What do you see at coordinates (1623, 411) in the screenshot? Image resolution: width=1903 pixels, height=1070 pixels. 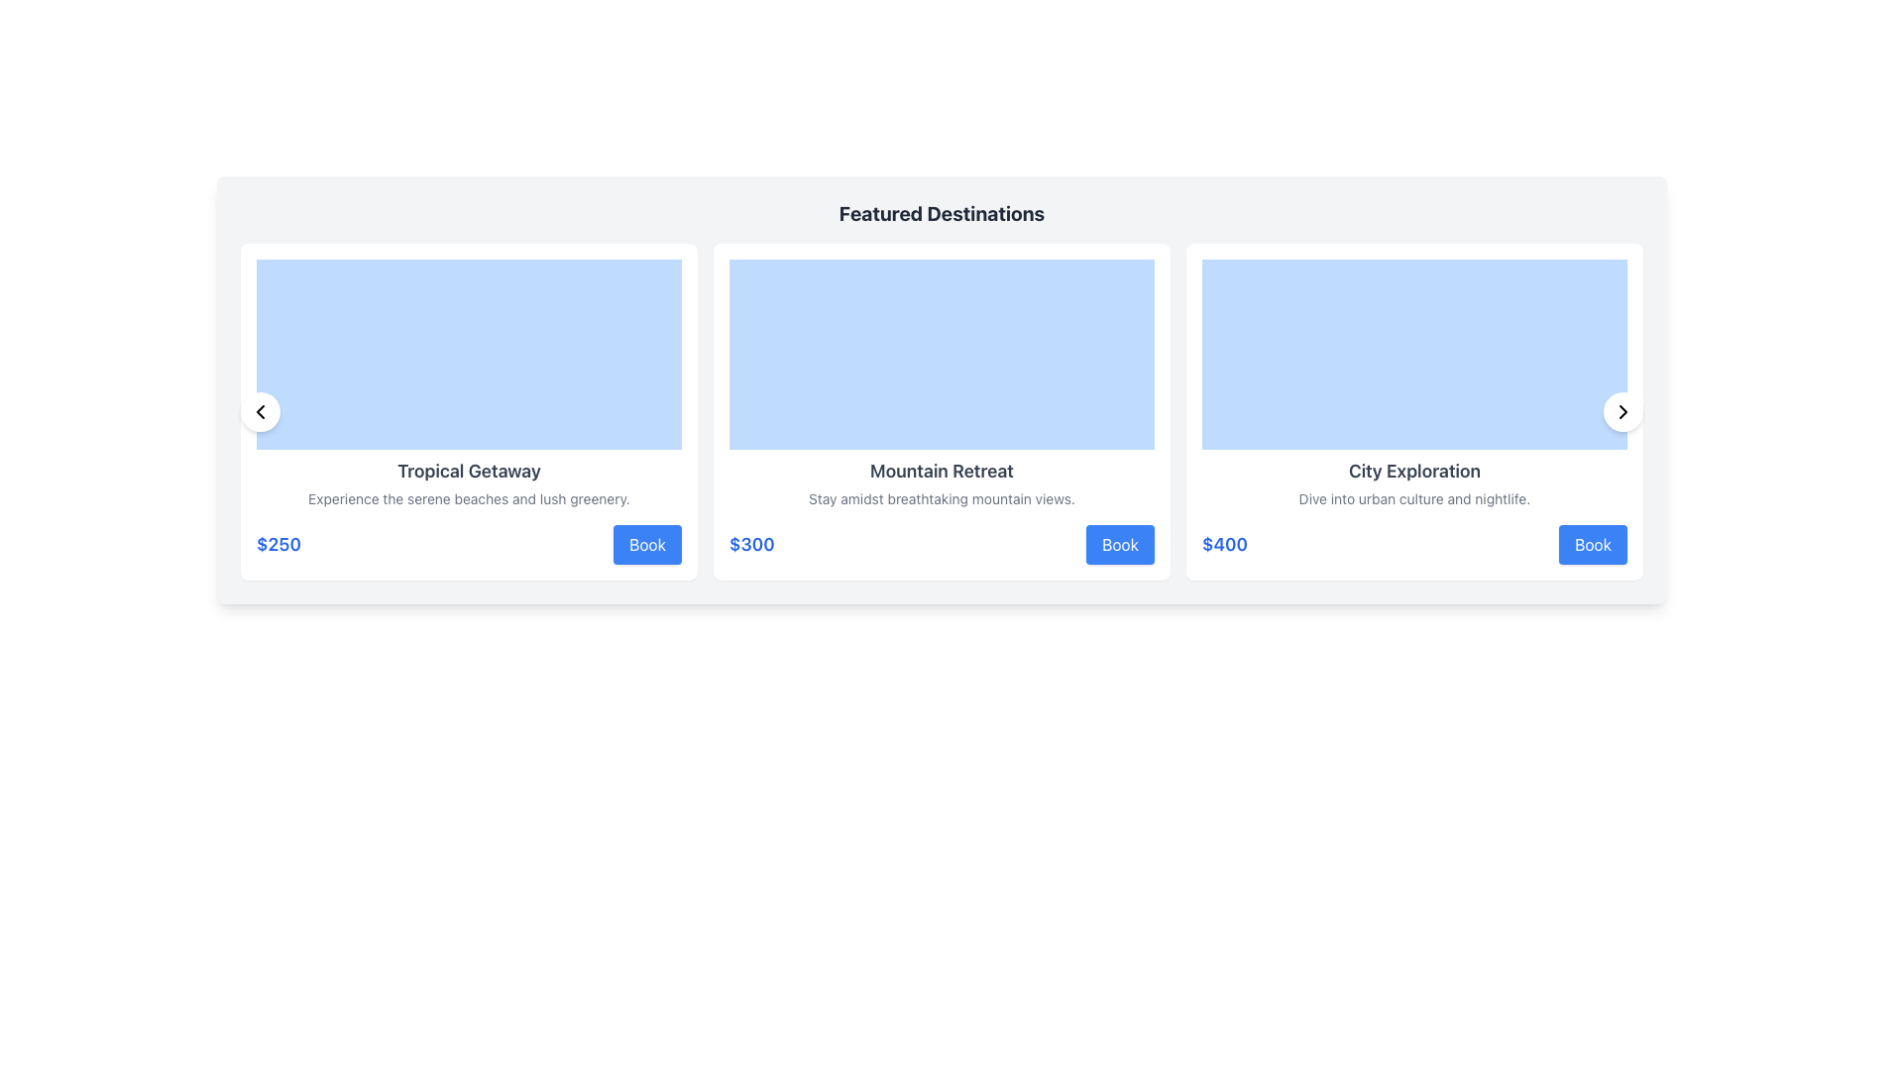 I see `the arrow symbol inside the circular navigation button located at the right edge of the 'City Exploration' card, which is the third card from the left in the row of cards under 'Featured Destinations'` at bounding box center [1623, 411].